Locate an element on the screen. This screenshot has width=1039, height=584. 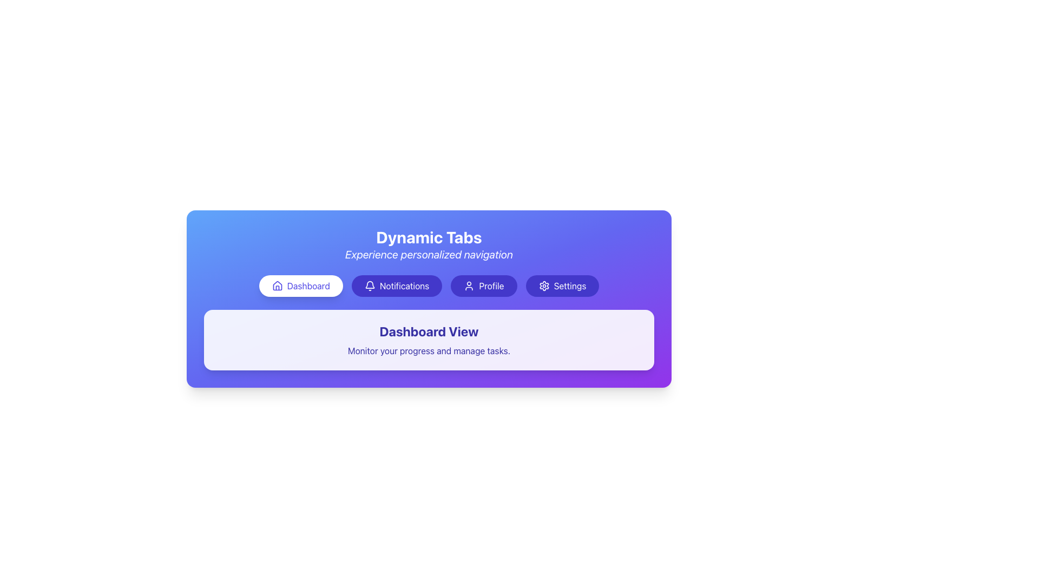
the 'Profile' icon, which is a person outline styled as a vector graphic in white on a blue background is located at coordinates (469, 285).